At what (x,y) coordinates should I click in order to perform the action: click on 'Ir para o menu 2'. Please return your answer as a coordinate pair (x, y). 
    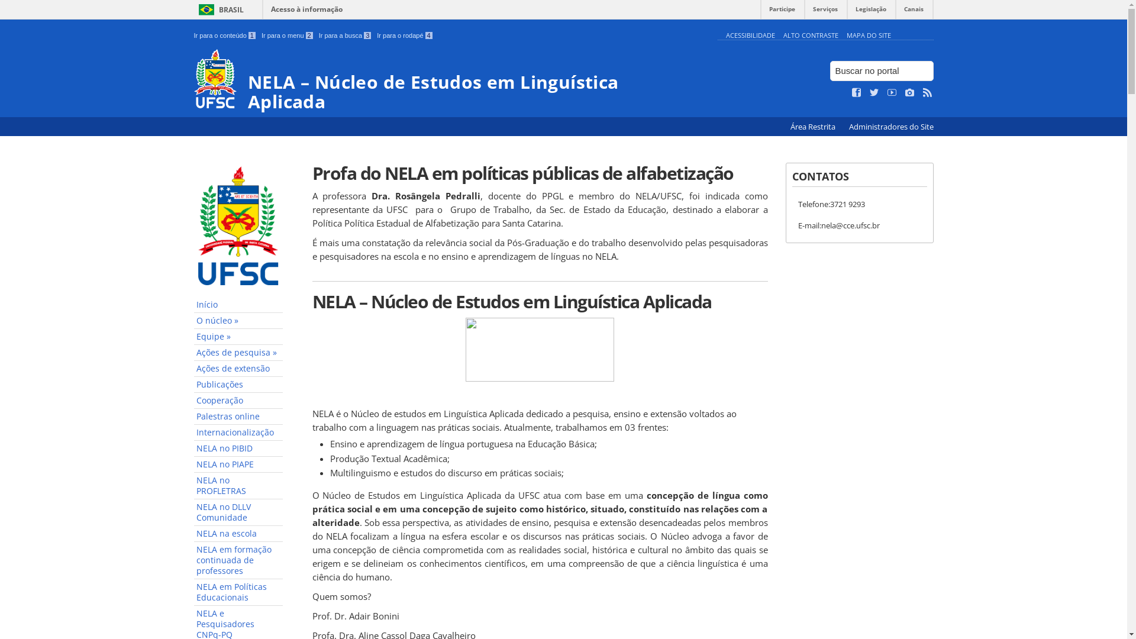
    Looking at the image, I should click on (260, 35).